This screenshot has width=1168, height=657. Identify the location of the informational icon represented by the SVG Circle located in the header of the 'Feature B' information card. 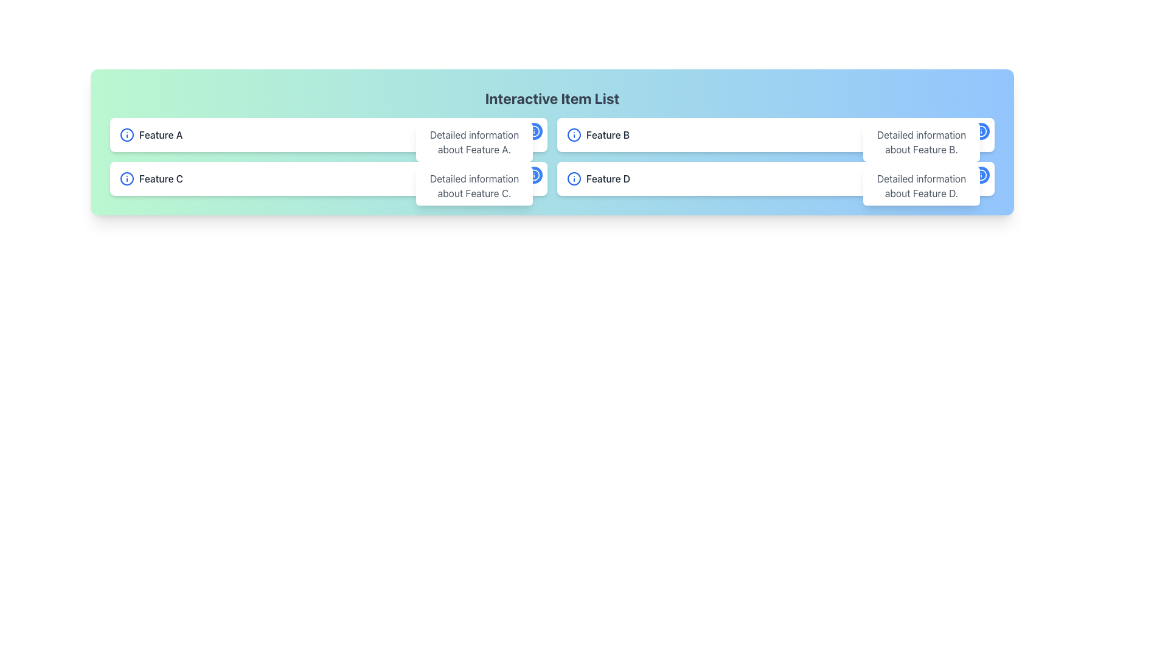
(534, 131).